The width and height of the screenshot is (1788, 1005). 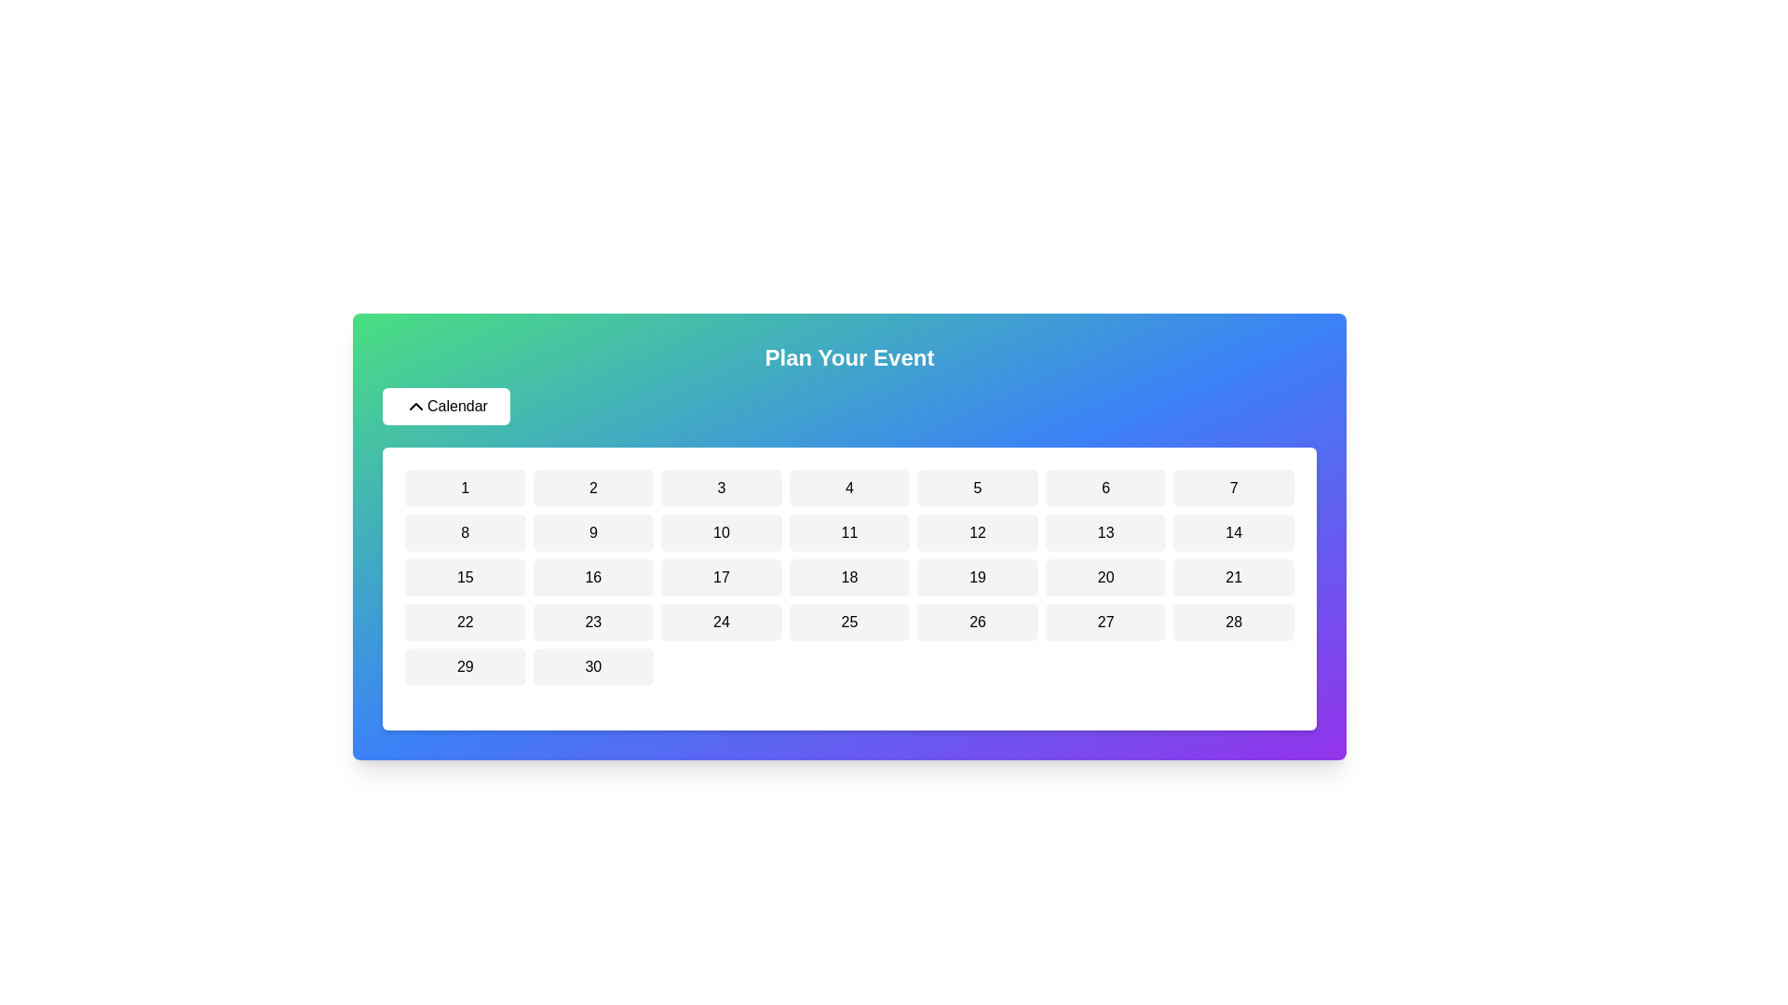 What do you see at coordinates (1105, 622) in the screenshot?
I see `the rectangular button labeled '27' in the bottom row of the grid layout` at bounding box center [1105, 622].